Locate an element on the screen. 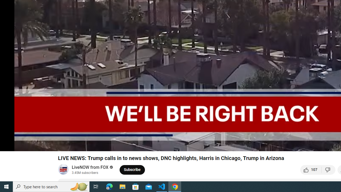 The height and width of the screenshot is (192, 341). 'like this video along with 107 other people' is located at coordinates (311, 170).